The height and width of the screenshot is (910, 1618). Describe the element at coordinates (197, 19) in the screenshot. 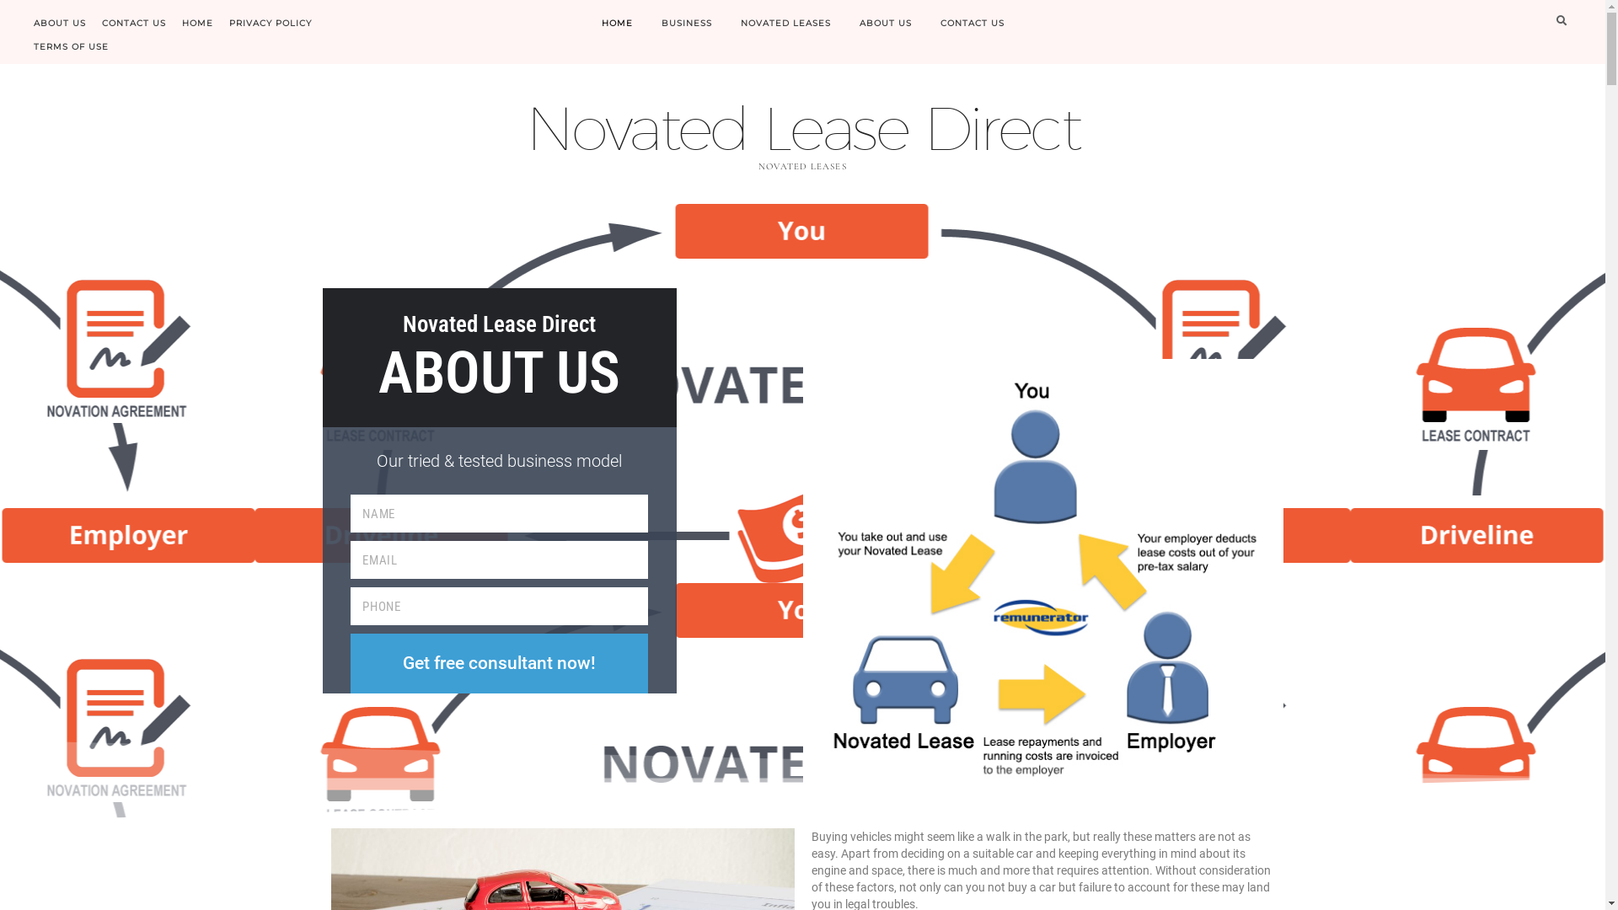

I see `'HOME'` at that location.